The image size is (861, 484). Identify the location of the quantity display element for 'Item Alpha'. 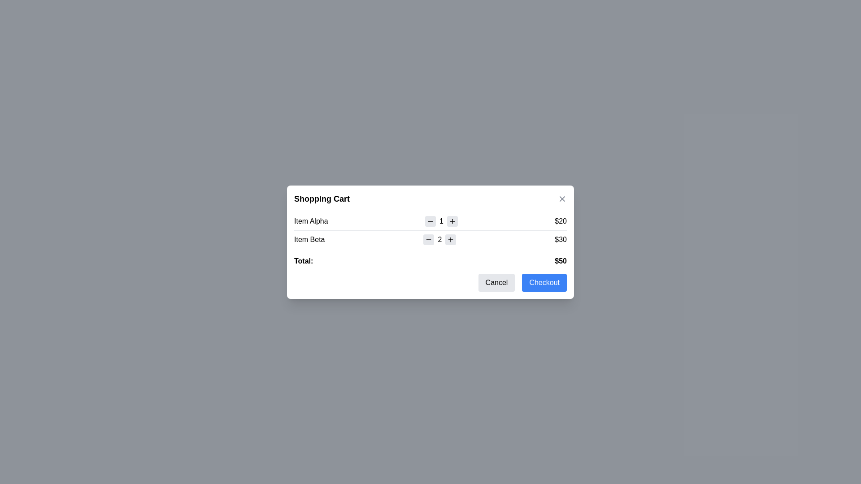
(441, 221).